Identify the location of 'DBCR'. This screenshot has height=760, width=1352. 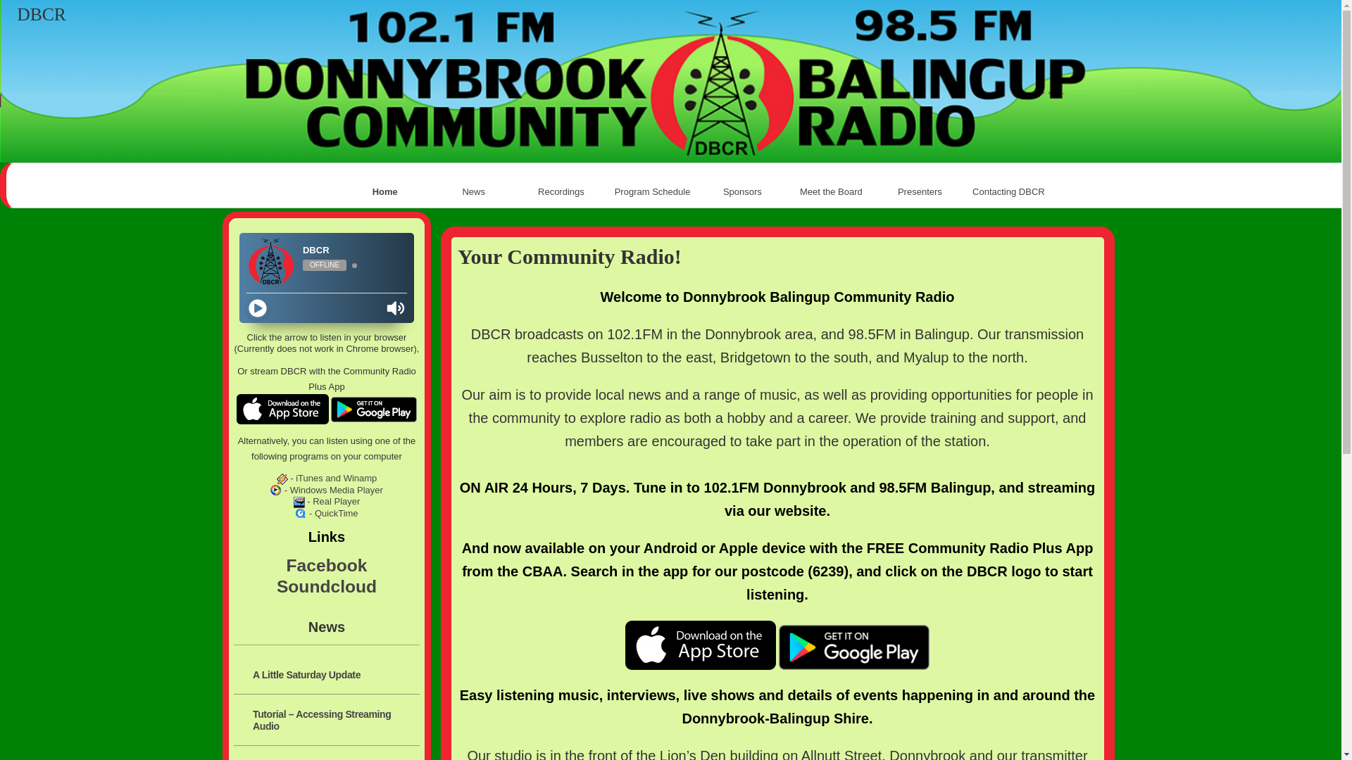
(41, 14).